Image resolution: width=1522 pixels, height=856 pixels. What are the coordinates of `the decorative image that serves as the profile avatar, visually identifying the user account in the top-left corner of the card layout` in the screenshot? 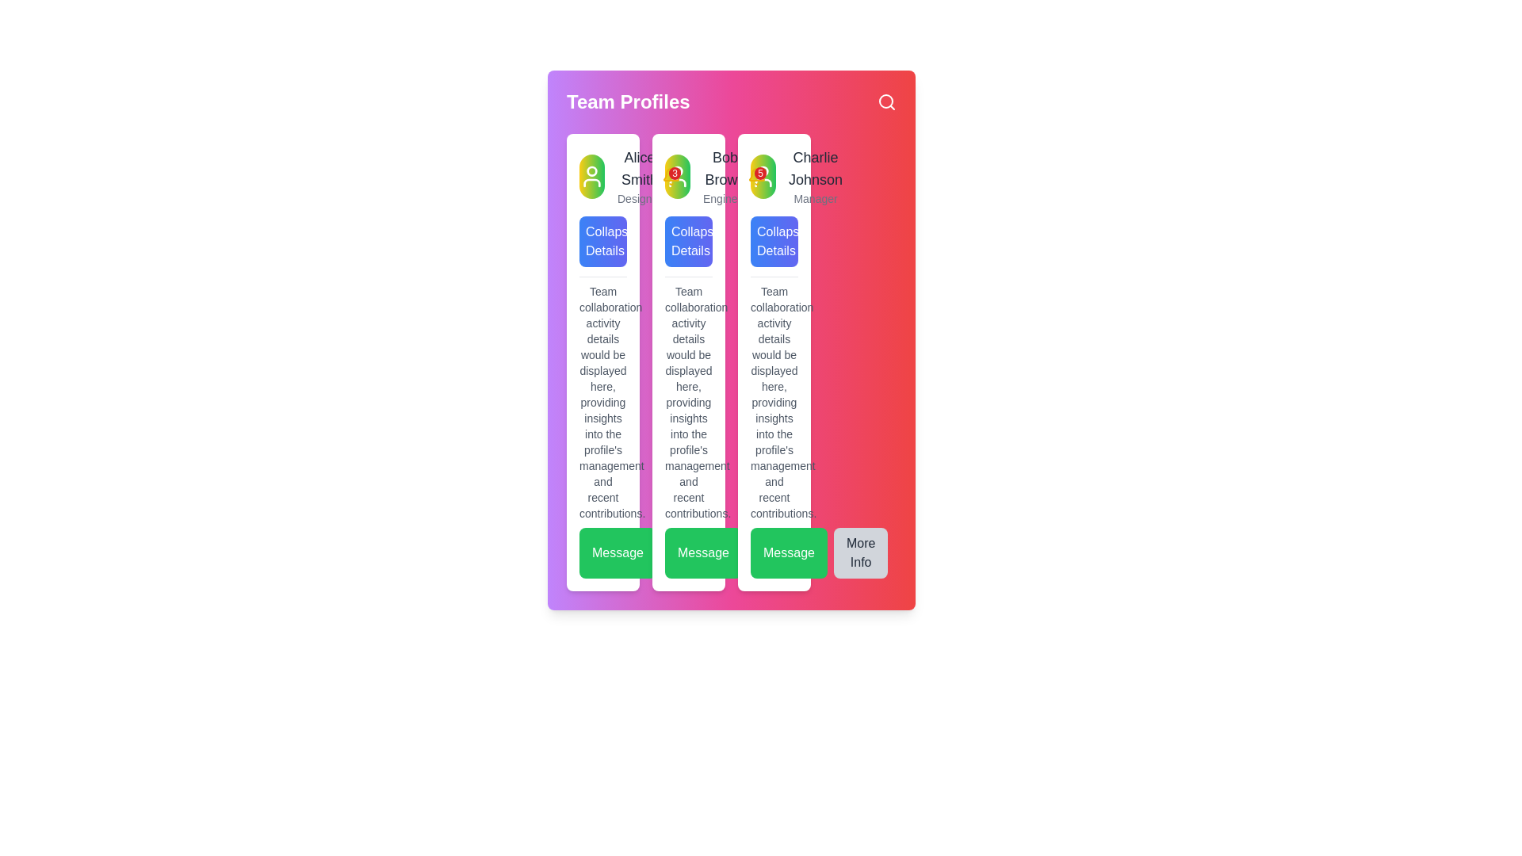 It's located at (602, 177).